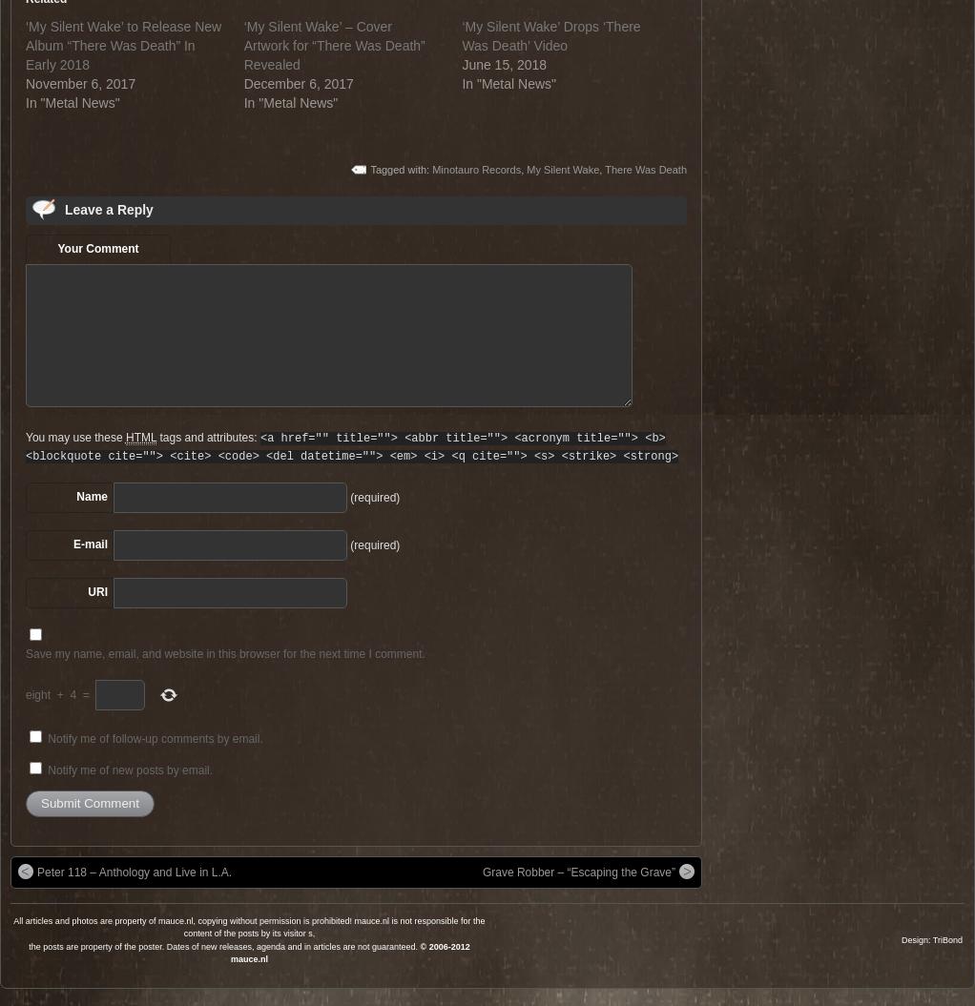  Describe the element at coordinates (24, 693) in the screenshot. I see `'eight'` at that location.